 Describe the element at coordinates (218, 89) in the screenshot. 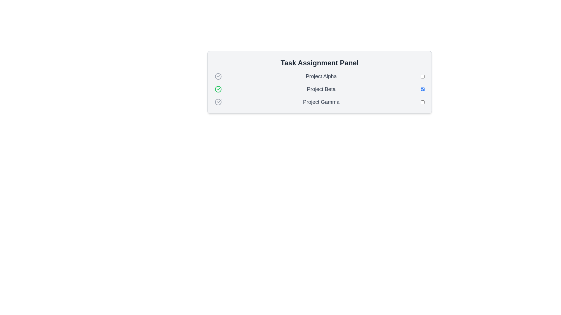

I see `the green circular checkmark icon representing success, located to the left of the 'Project Beta' text in the Task Assignment Panel` at that location.